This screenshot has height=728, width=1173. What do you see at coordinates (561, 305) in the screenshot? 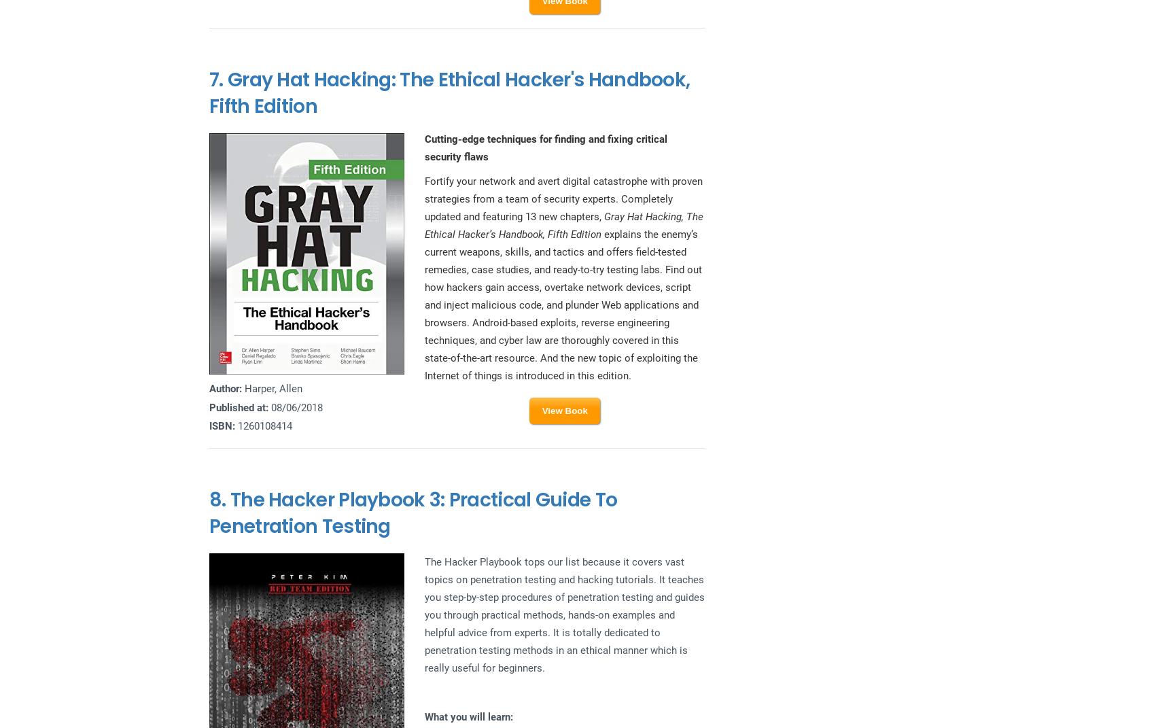
I see `'explains the enemy’s current weapons, skills, and tactics and offers field-tested remedies, case studies, and ready-to-try testing labs. Find out how hackers gain access, overtake network devices, script and inject malicious code, and plunder Web applications and browsers. Android-based exploits, reverse engineering techniques, and cyber law are thoroughly covered in this state-of-the-art resource. And the new topic of exploiting the Internet of things is introduced in this edition.'` at bounding box center [561, 305].